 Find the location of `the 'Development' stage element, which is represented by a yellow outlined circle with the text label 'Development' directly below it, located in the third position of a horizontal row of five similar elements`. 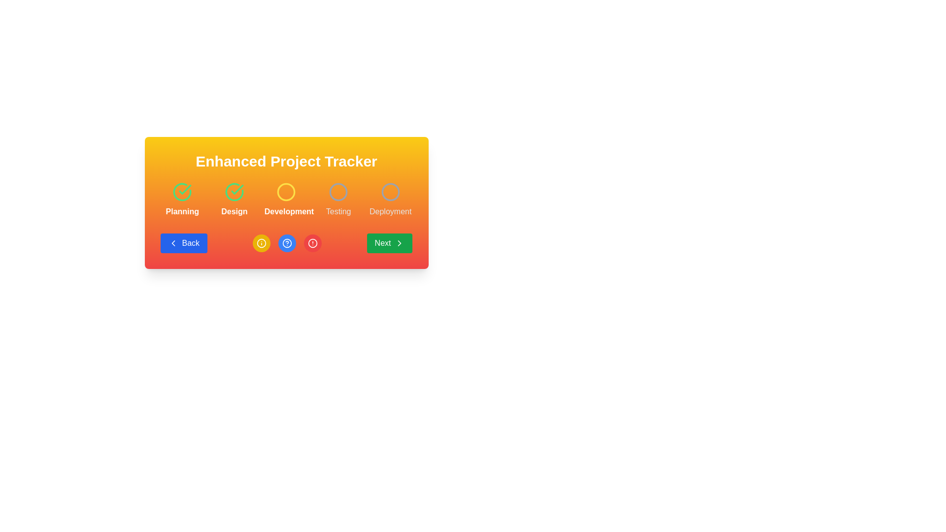

the 'Development' stage element, which is represented by a yellow outlined circle with the text label 'Development' directly below it, located in the third position of a horizontal row of five similar elements is located at coordinates (286, 199).